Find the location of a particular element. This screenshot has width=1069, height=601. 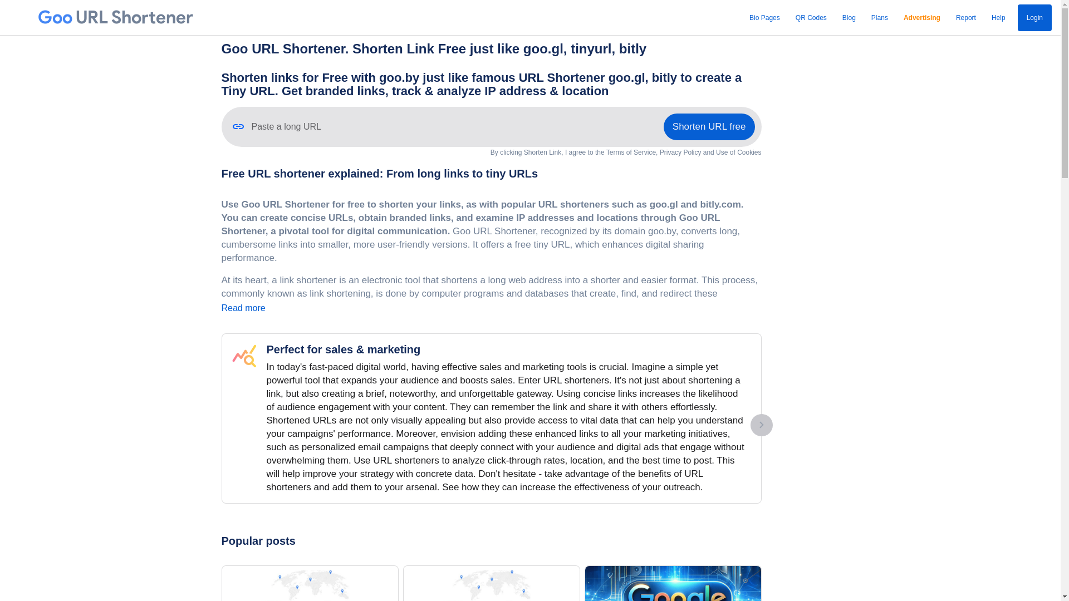

'Read more' is located at coordinates (243, 308).